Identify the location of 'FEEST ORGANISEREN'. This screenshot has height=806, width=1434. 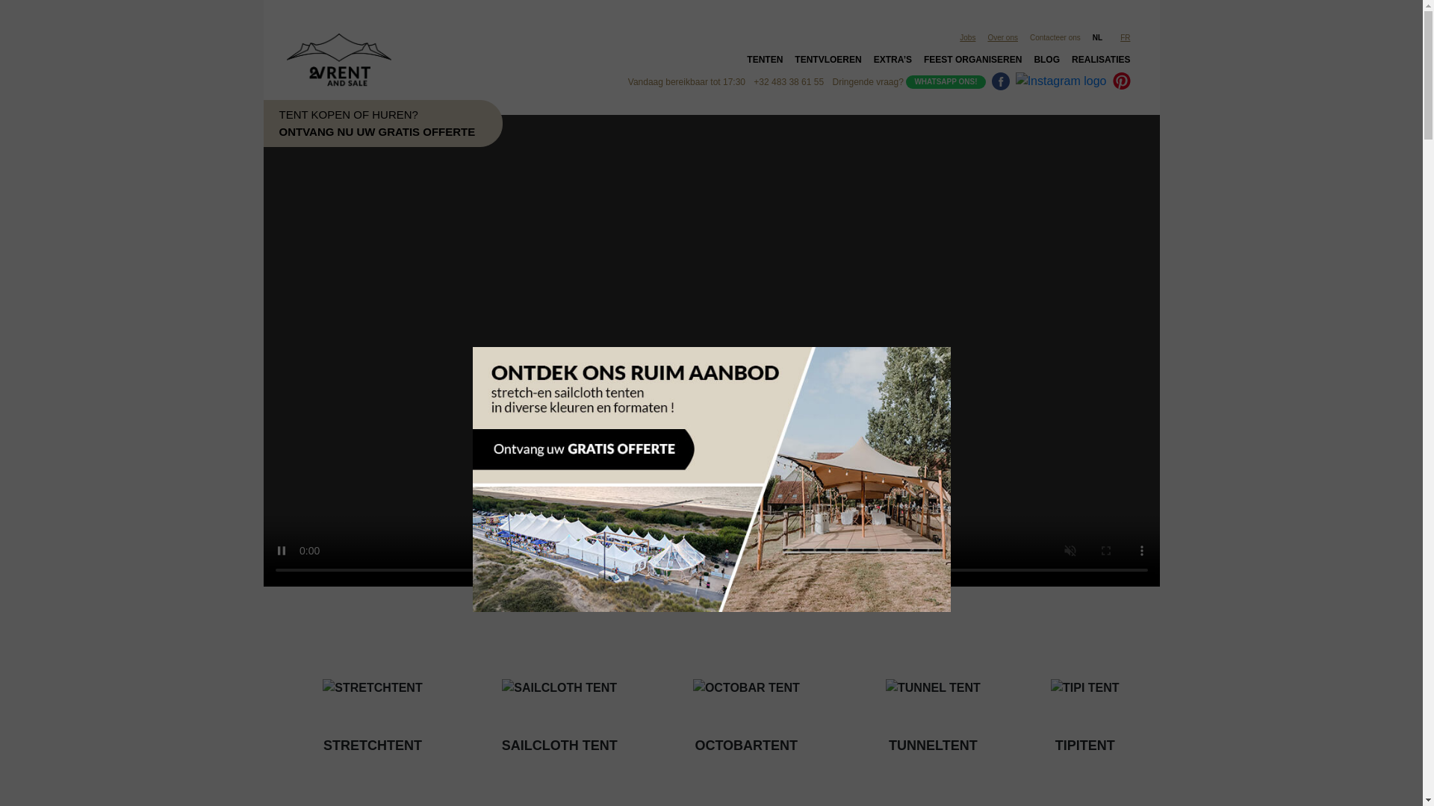
(972, 62).